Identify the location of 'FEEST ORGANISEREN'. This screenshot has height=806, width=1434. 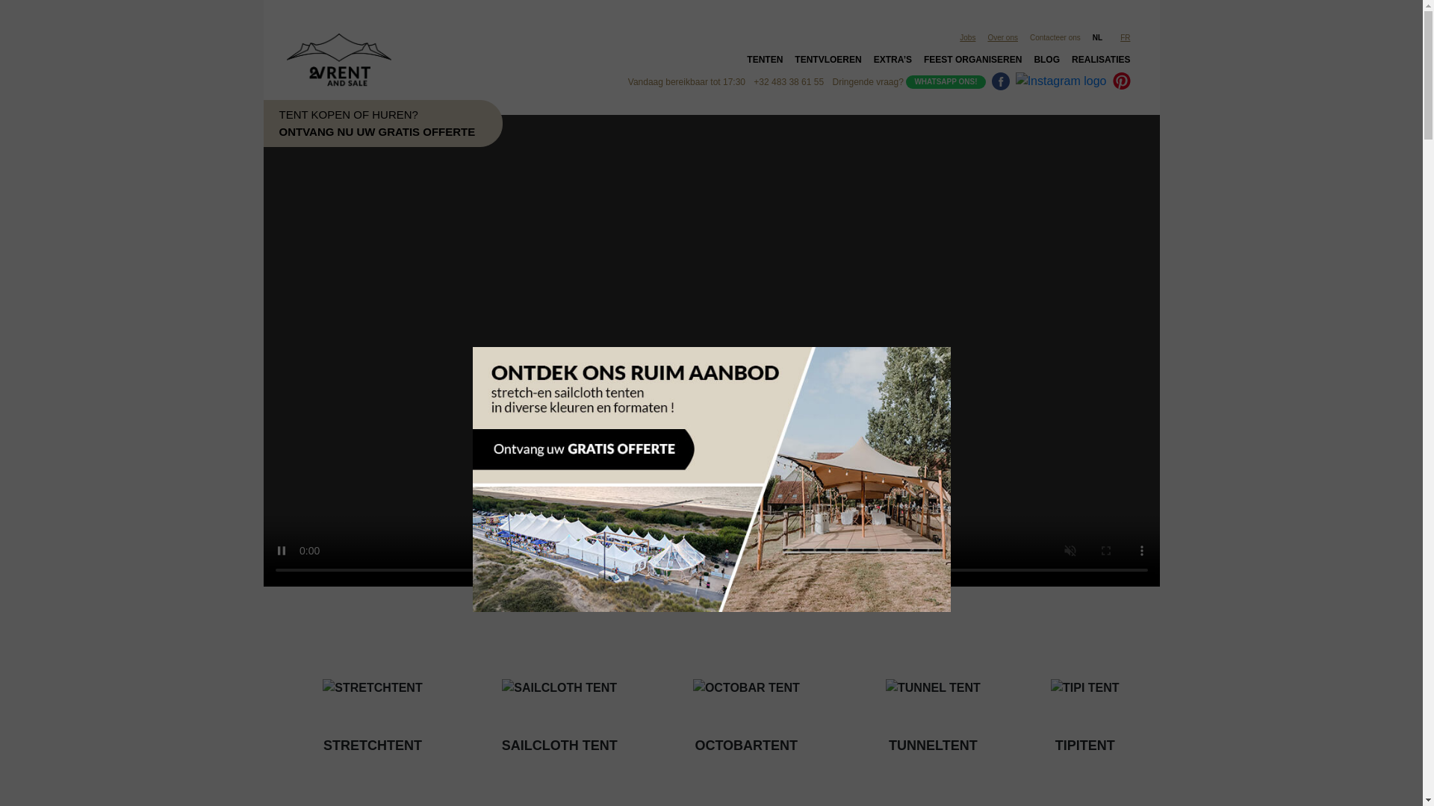
(972, 62).